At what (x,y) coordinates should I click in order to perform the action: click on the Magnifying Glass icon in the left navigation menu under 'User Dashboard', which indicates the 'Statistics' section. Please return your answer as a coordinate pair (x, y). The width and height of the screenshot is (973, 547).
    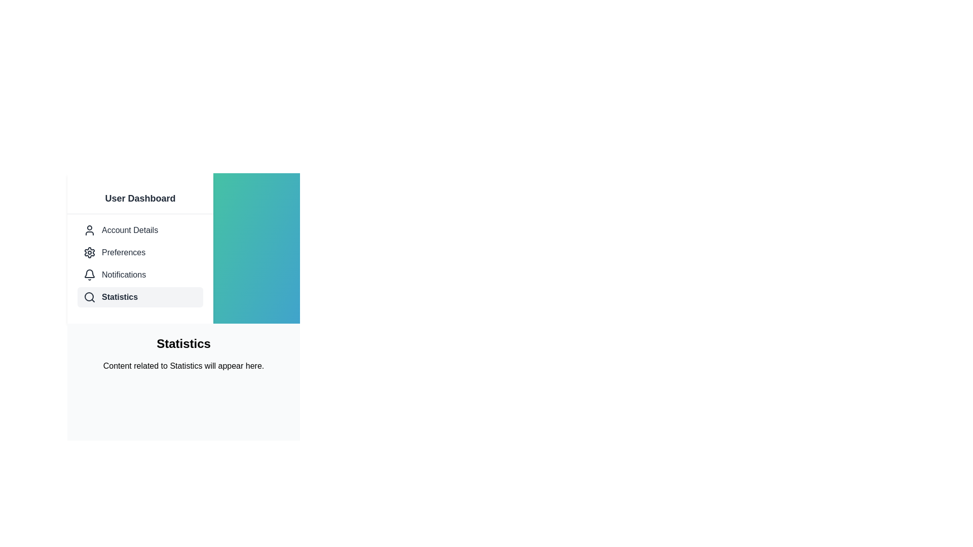
    Looking at the image, I should click on (90, 296).